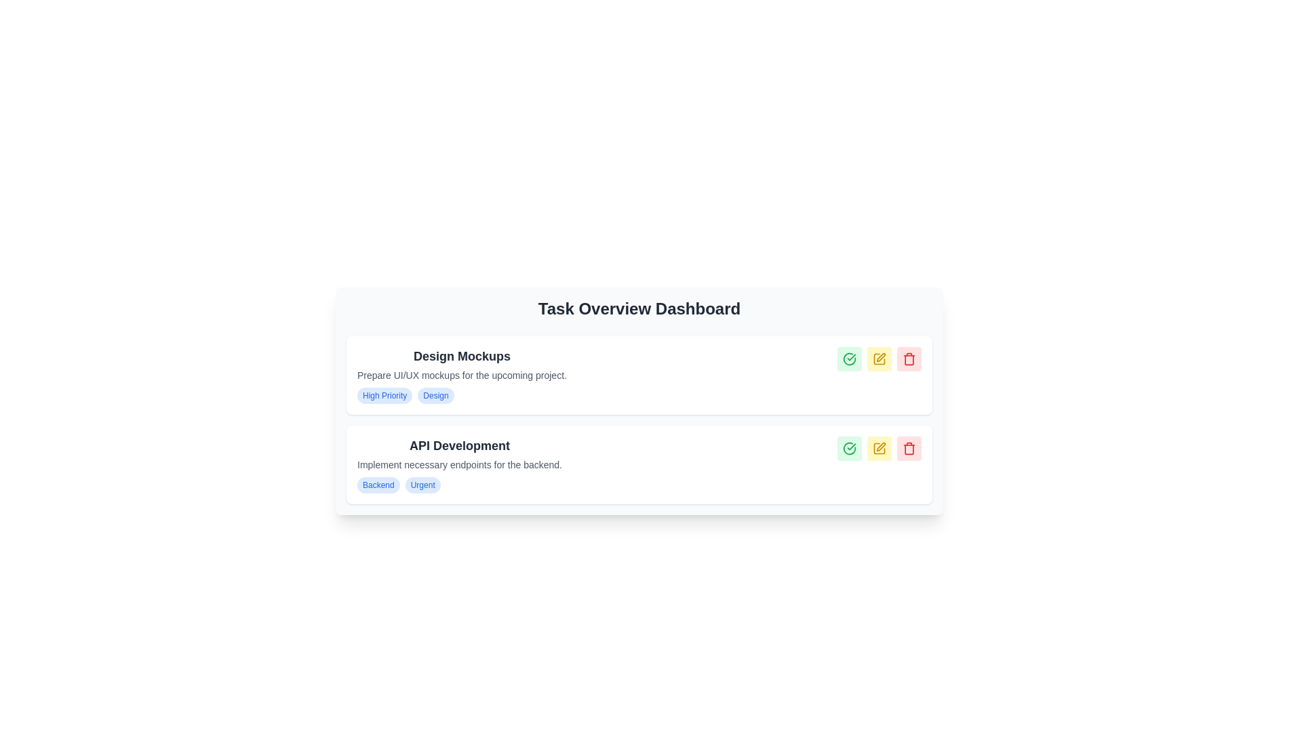 This screenshot has height=732, width=1302. Describe the element at coordinates (879, 449) in the screenshot. I see `the button with a yellow background and a pen icon for keyboard interaction, located in the middle of the action buttons to the right of the 'API Development' section` at that location.